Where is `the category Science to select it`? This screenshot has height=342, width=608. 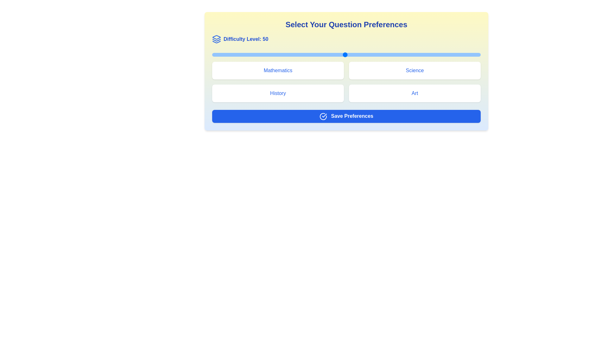
the category Science to select it is located at coordinates (415, 71).